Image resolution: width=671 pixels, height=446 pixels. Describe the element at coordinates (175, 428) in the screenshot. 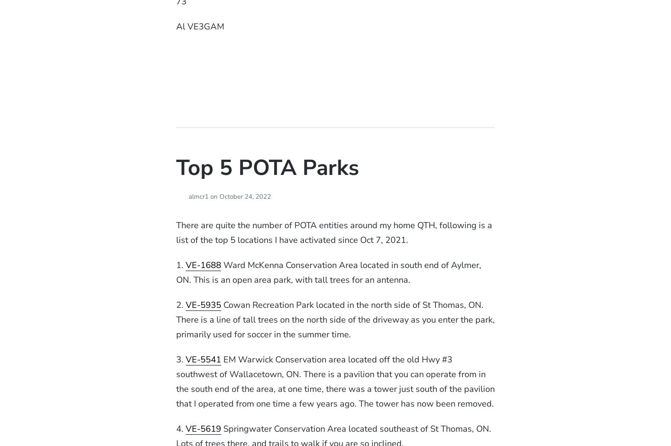

I see `'4.'` at that location.